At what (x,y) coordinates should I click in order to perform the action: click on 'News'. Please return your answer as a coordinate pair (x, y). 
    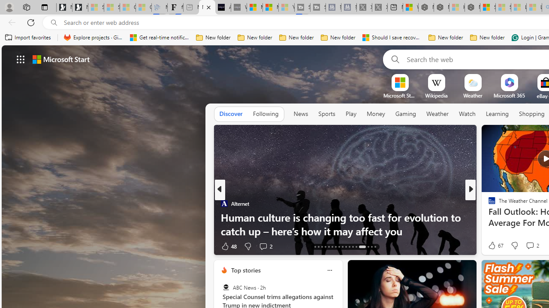
    Looking at the image, I should click on (301, 114).